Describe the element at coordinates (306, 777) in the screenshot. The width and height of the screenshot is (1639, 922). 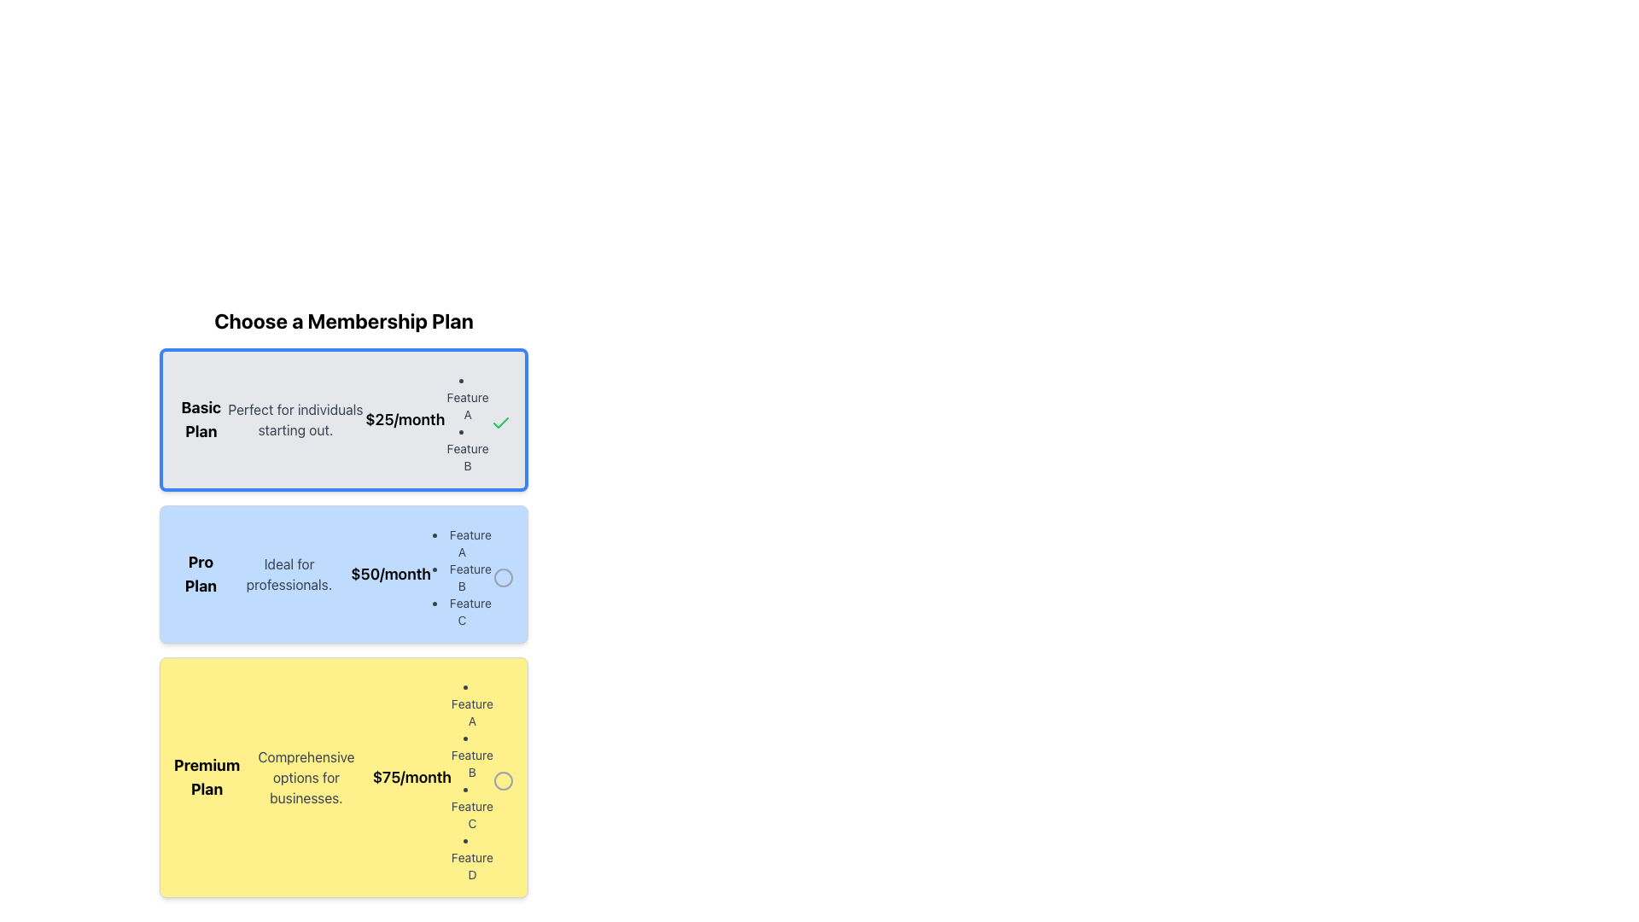
I see `informational text label that describes the benefits of the 'Premium Plan' membership option, which is located below the 'Premium Plan' title and aligns with the '$75/month' label` at that location.